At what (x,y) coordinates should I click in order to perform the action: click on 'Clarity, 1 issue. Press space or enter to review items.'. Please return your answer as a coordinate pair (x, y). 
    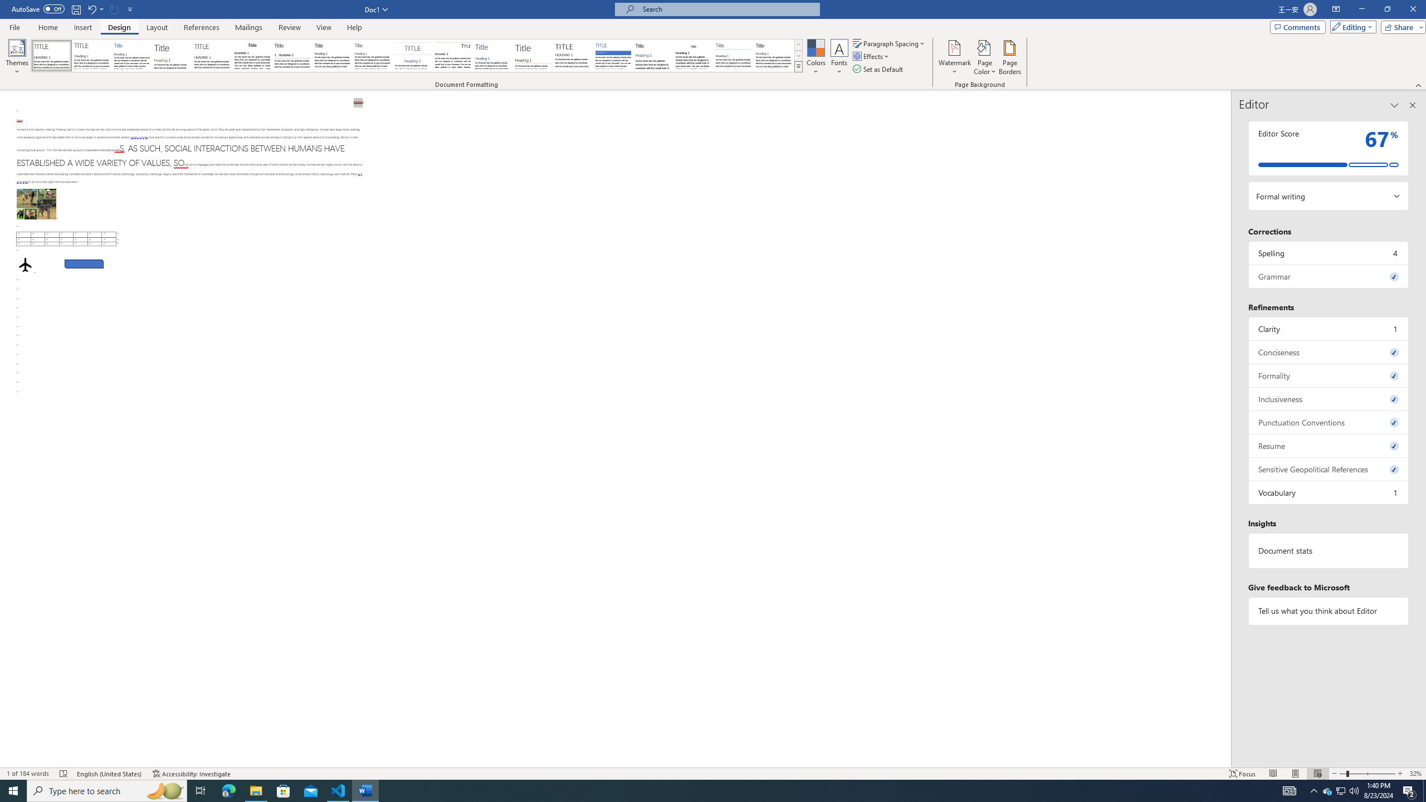
    Looking at the image, I should click on (1328, 328).